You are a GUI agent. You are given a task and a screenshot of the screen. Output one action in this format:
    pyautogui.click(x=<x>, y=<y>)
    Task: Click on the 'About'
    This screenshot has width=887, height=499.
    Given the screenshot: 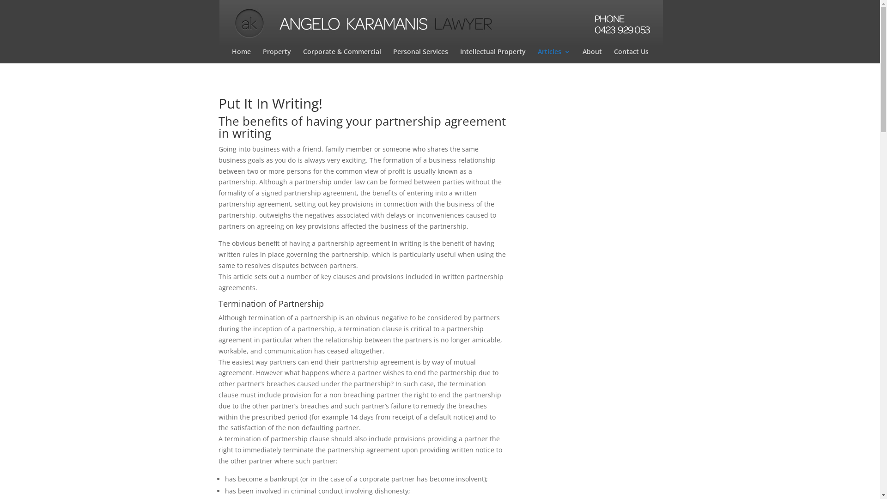 What is the action you would take?
    pyautogui.click(x=581, y=55)
    